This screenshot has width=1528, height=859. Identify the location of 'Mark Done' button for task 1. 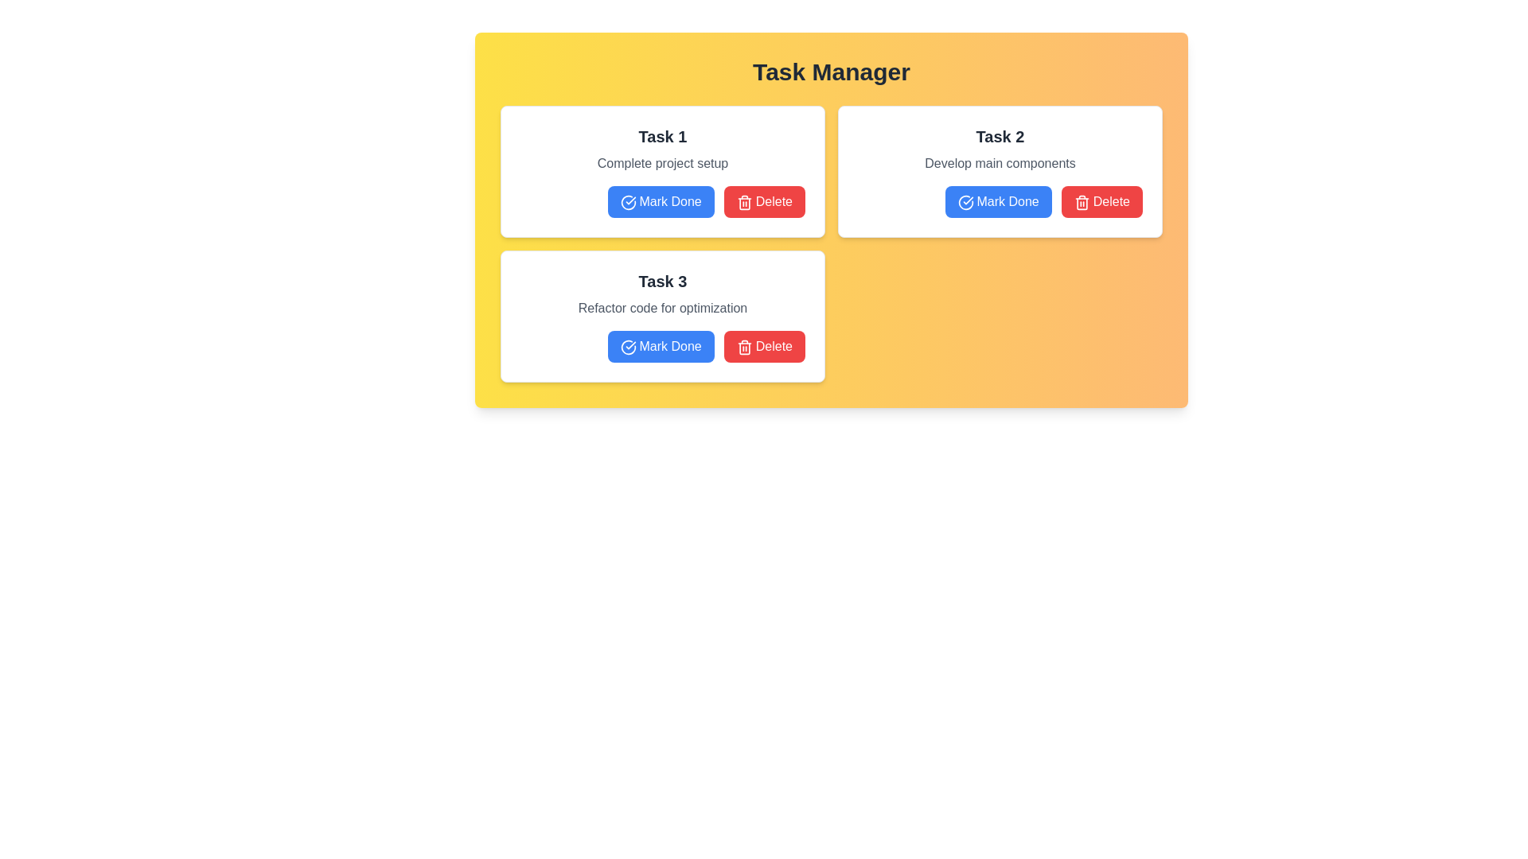
(661, 201).